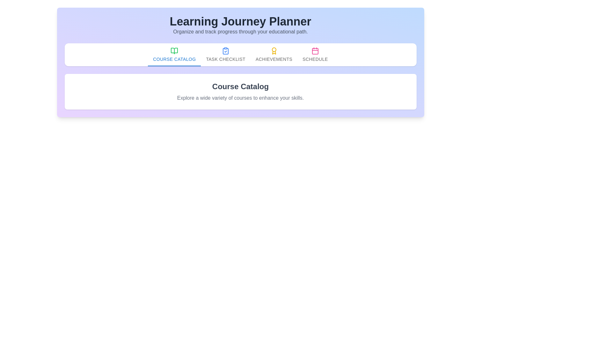 This screenshot has height=344, width=612. I want to click on the decorative icon linked to the 'Achievements' tab, which is visually positioned above the 'Achievements' label text in the tab button, so click(274, 51).